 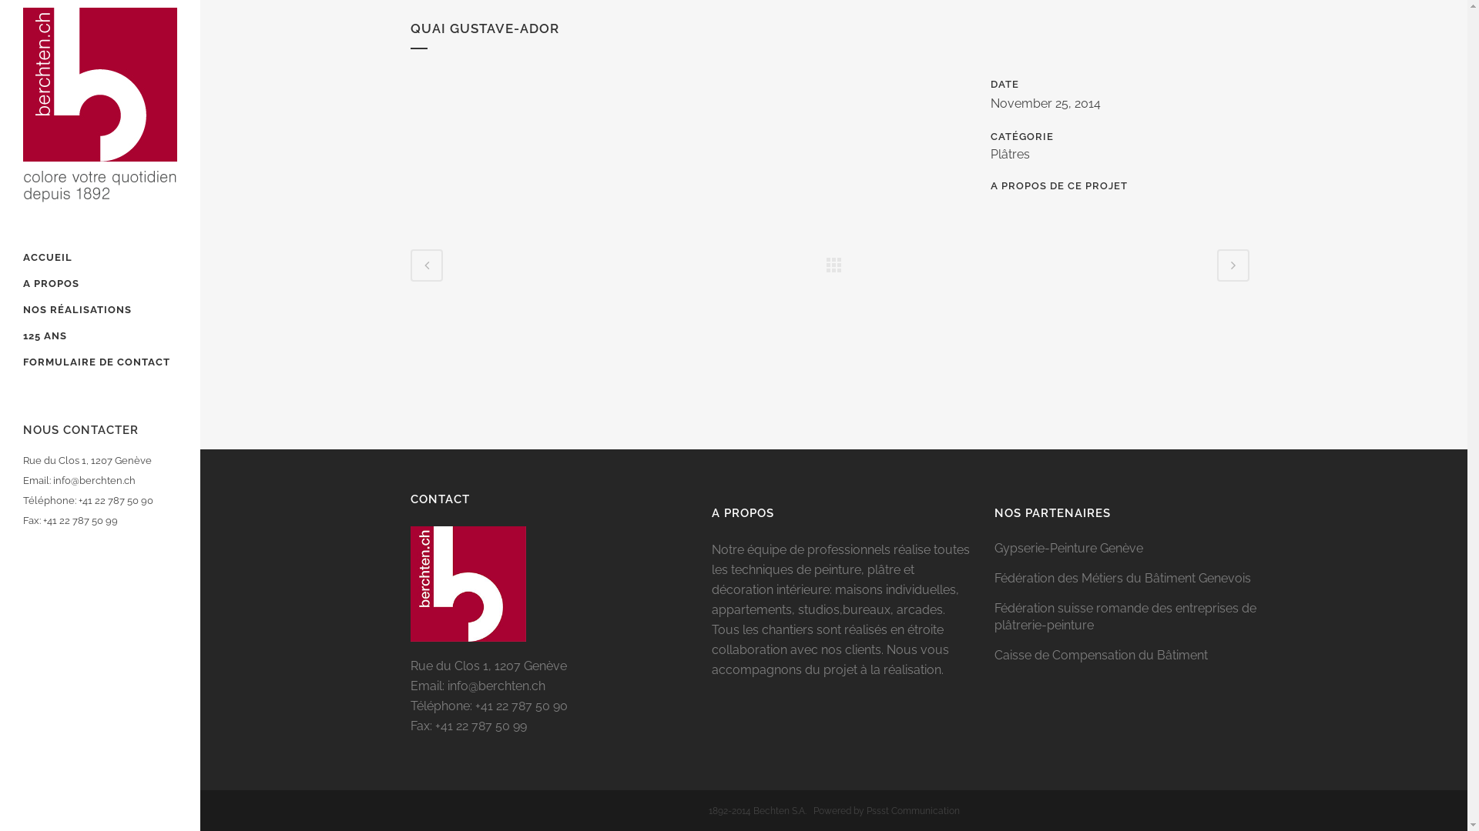 I want to click on 'FORMULAIRE DE CONTACT', so click(x=22, y=362).